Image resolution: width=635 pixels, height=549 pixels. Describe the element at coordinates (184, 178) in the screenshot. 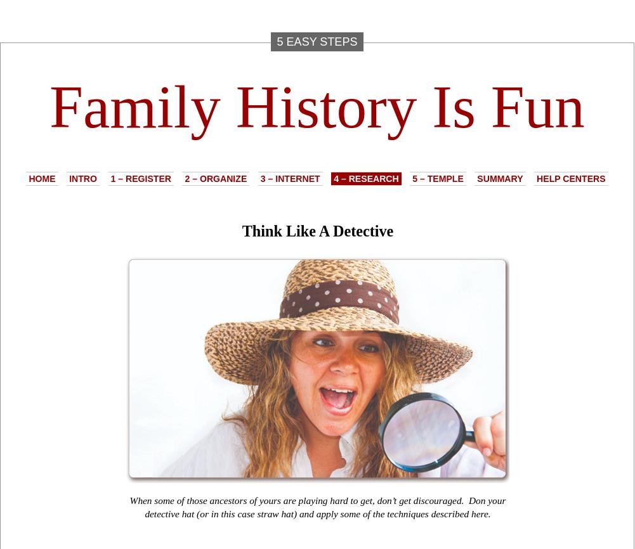

I see `'2 – Organize'` at that location.